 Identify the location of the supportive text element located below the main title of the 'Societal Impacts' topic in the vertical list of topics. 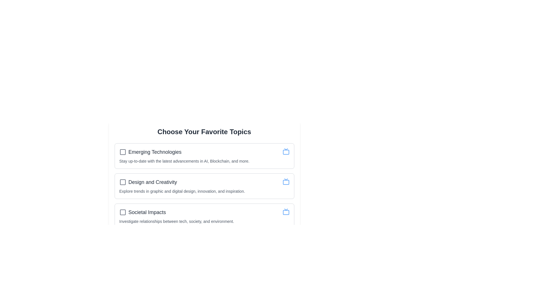
(176, 221).